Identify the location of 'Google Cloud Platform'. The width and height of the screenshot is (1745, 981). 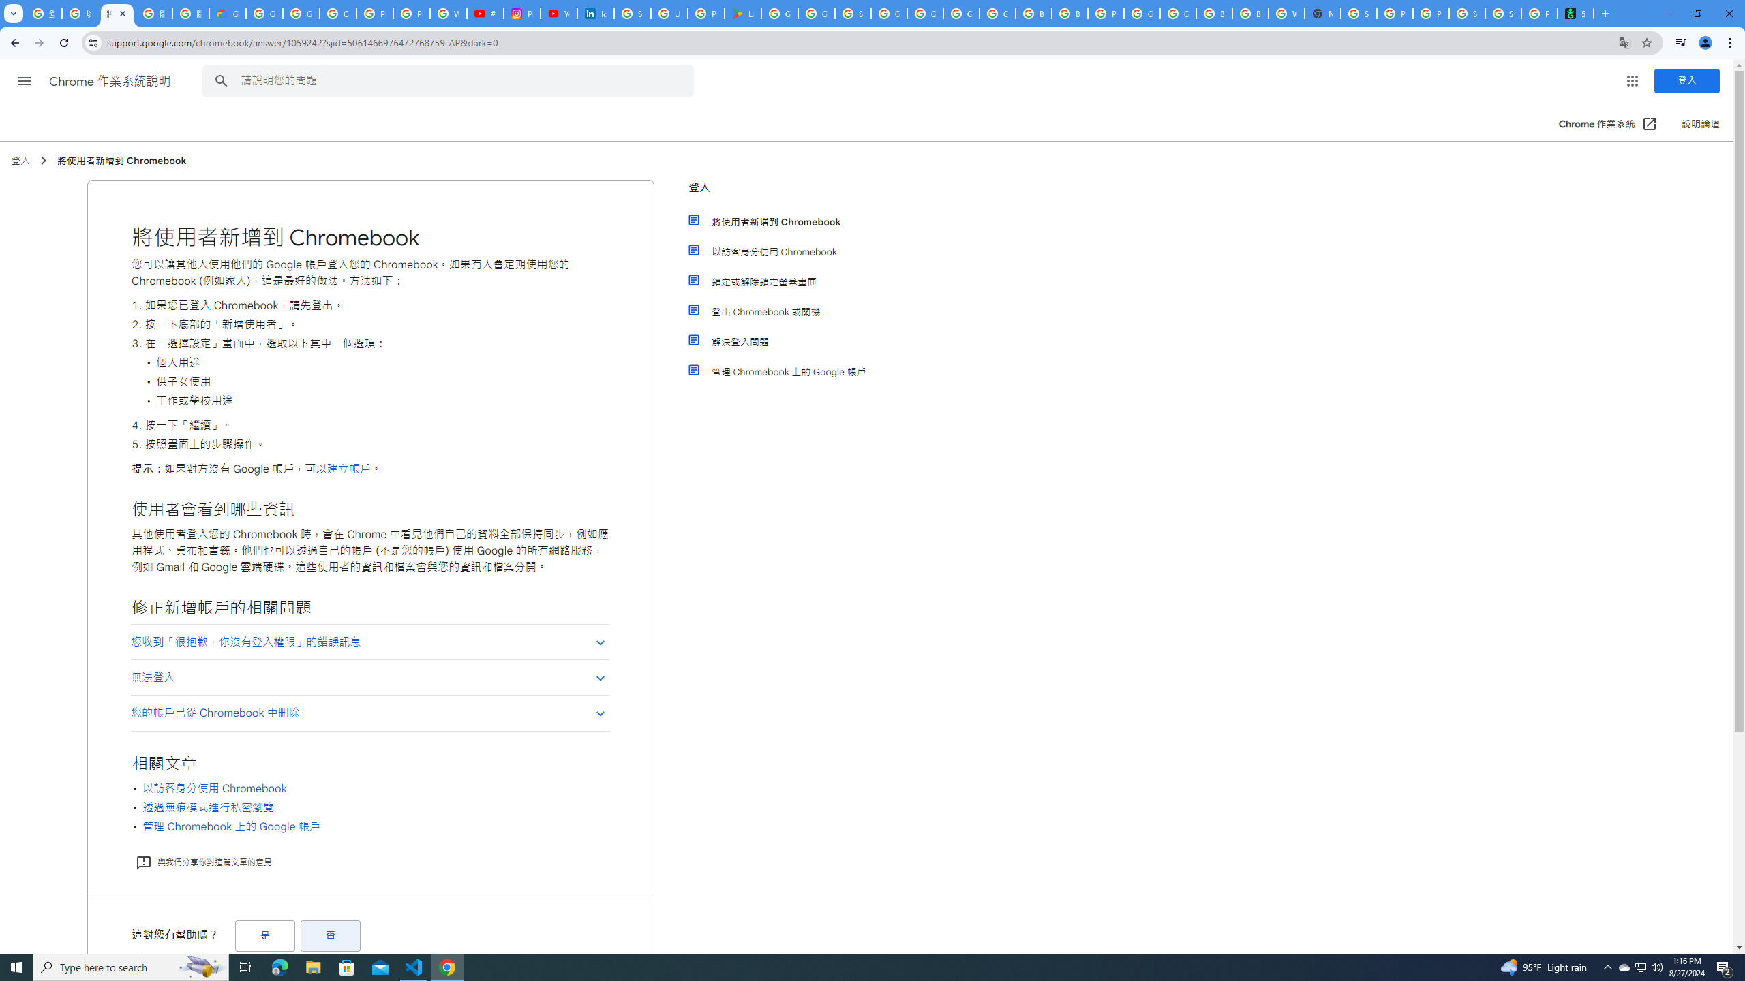
(1178, 13).